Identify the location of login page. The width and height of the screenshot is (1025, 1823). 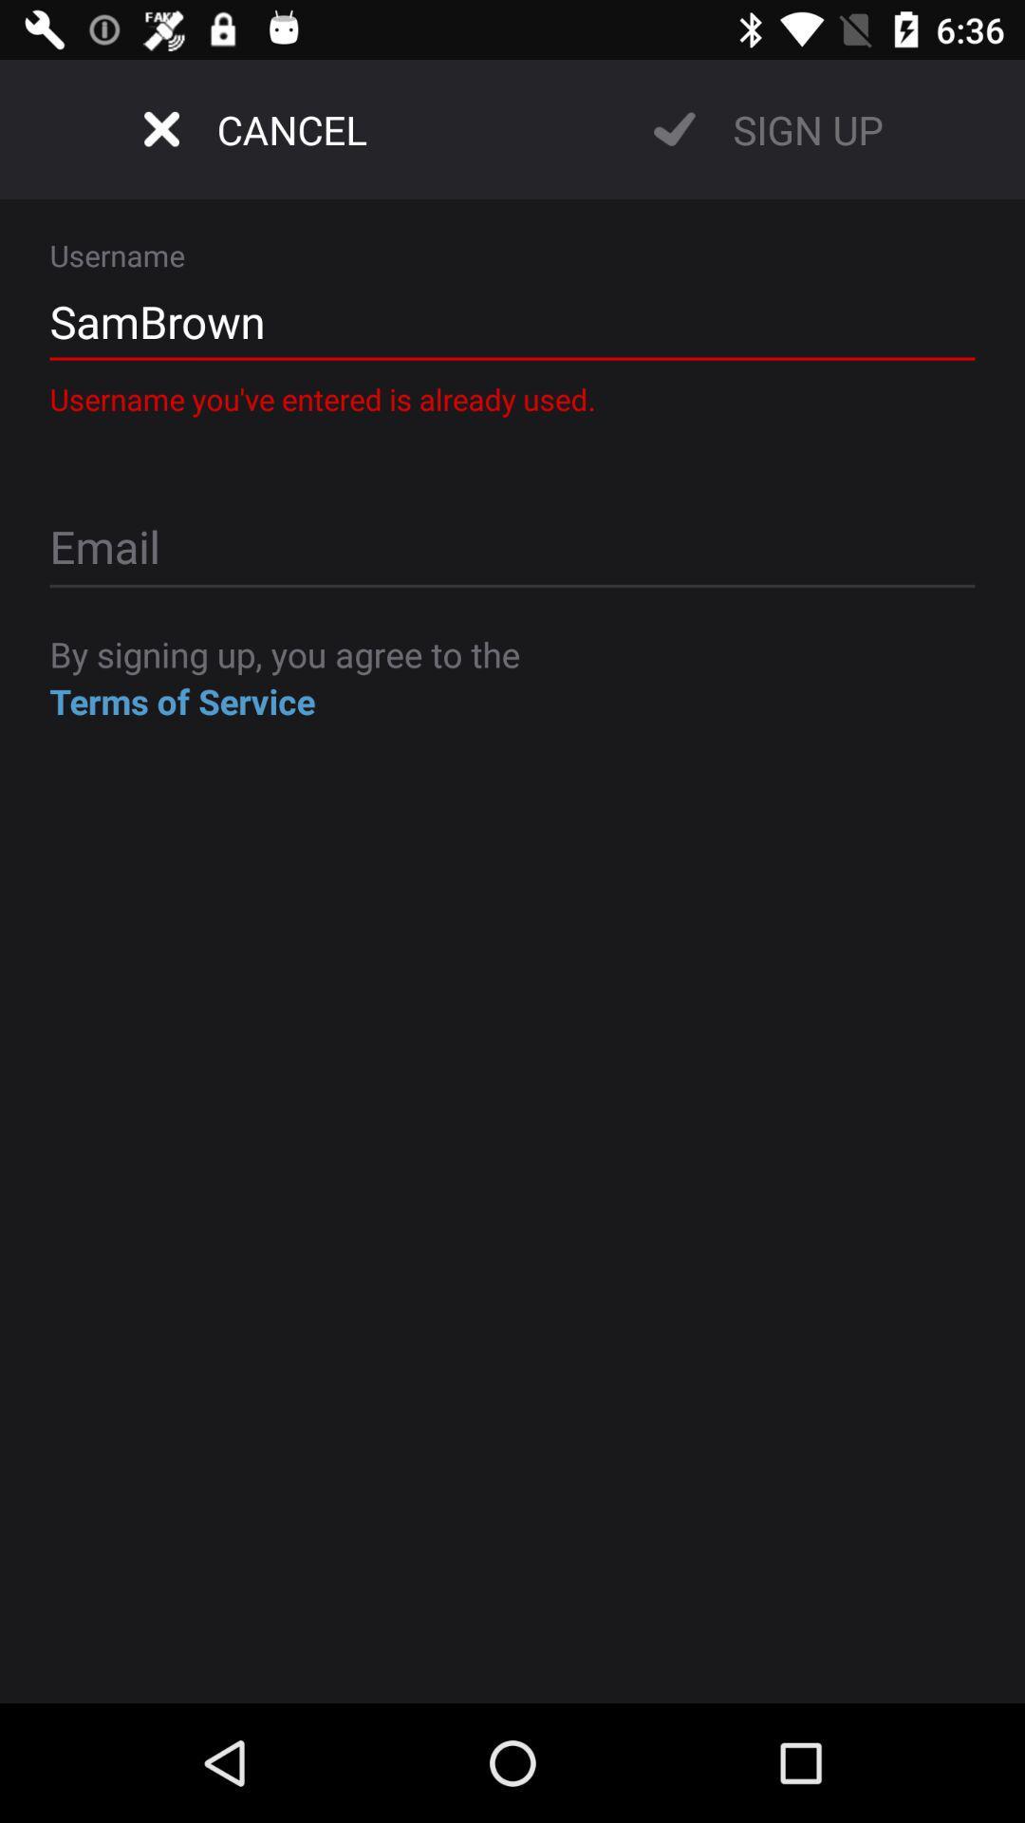
(512, 549).